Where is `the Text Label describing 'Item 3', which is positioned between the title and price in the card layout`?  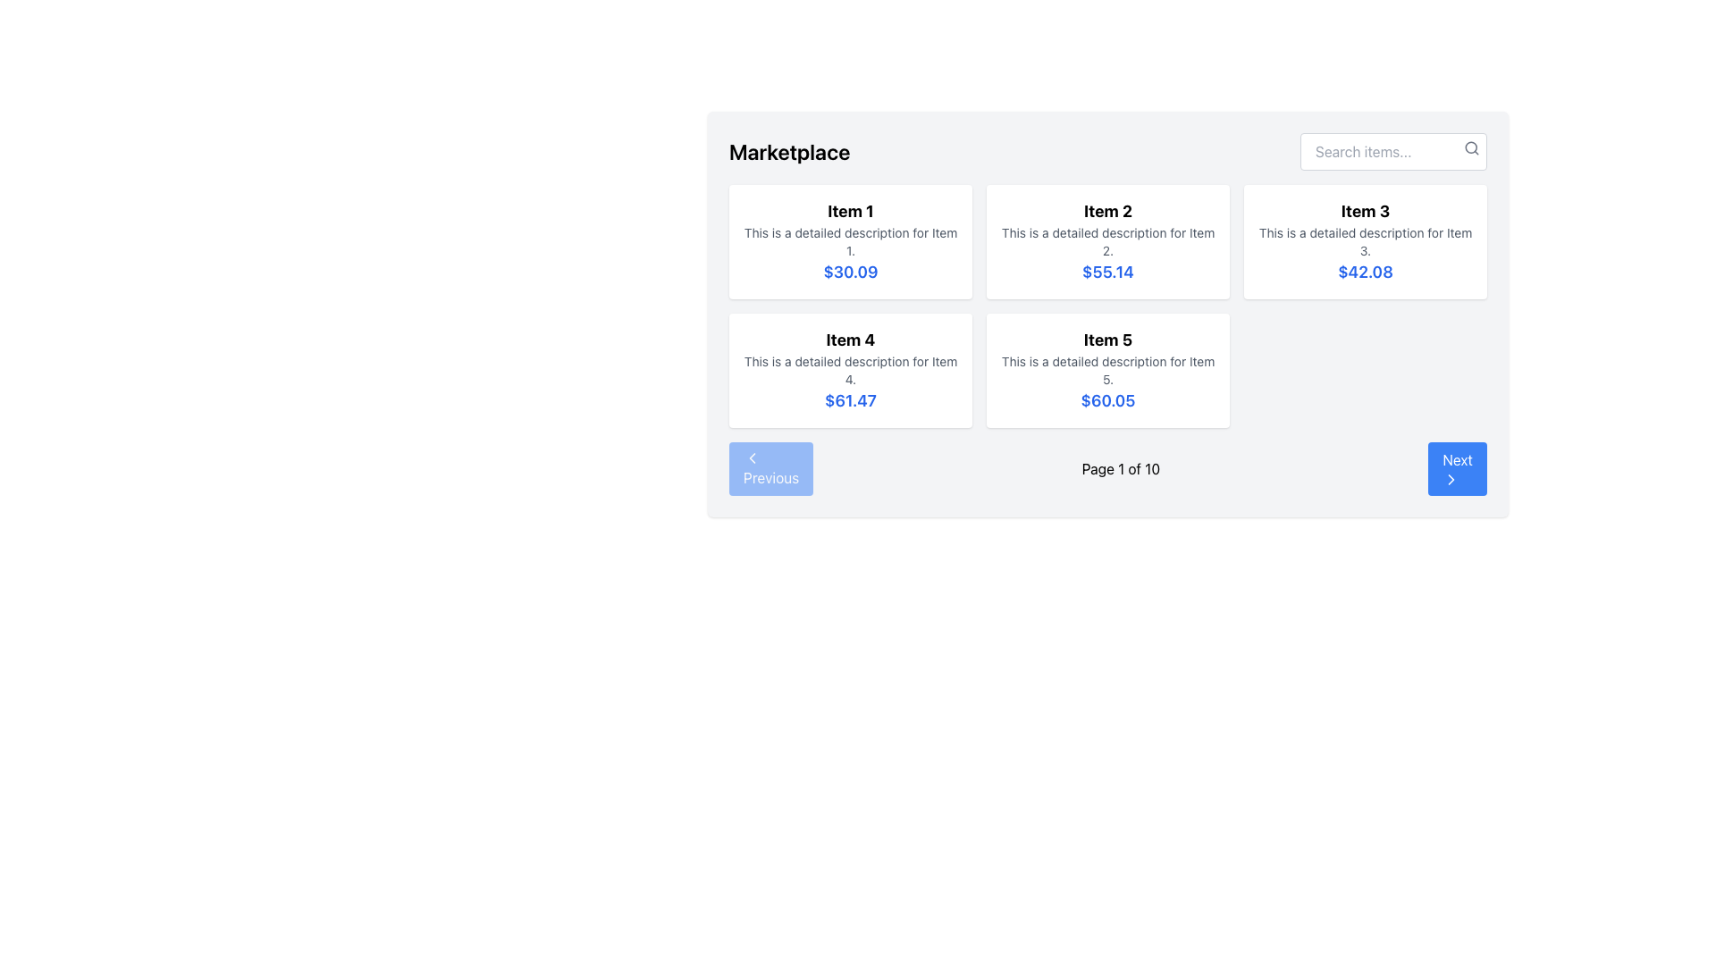
the Text Label describing 'Item 3', which is positioned between the title and price in the card layout is located at coordinates (1364, 241).